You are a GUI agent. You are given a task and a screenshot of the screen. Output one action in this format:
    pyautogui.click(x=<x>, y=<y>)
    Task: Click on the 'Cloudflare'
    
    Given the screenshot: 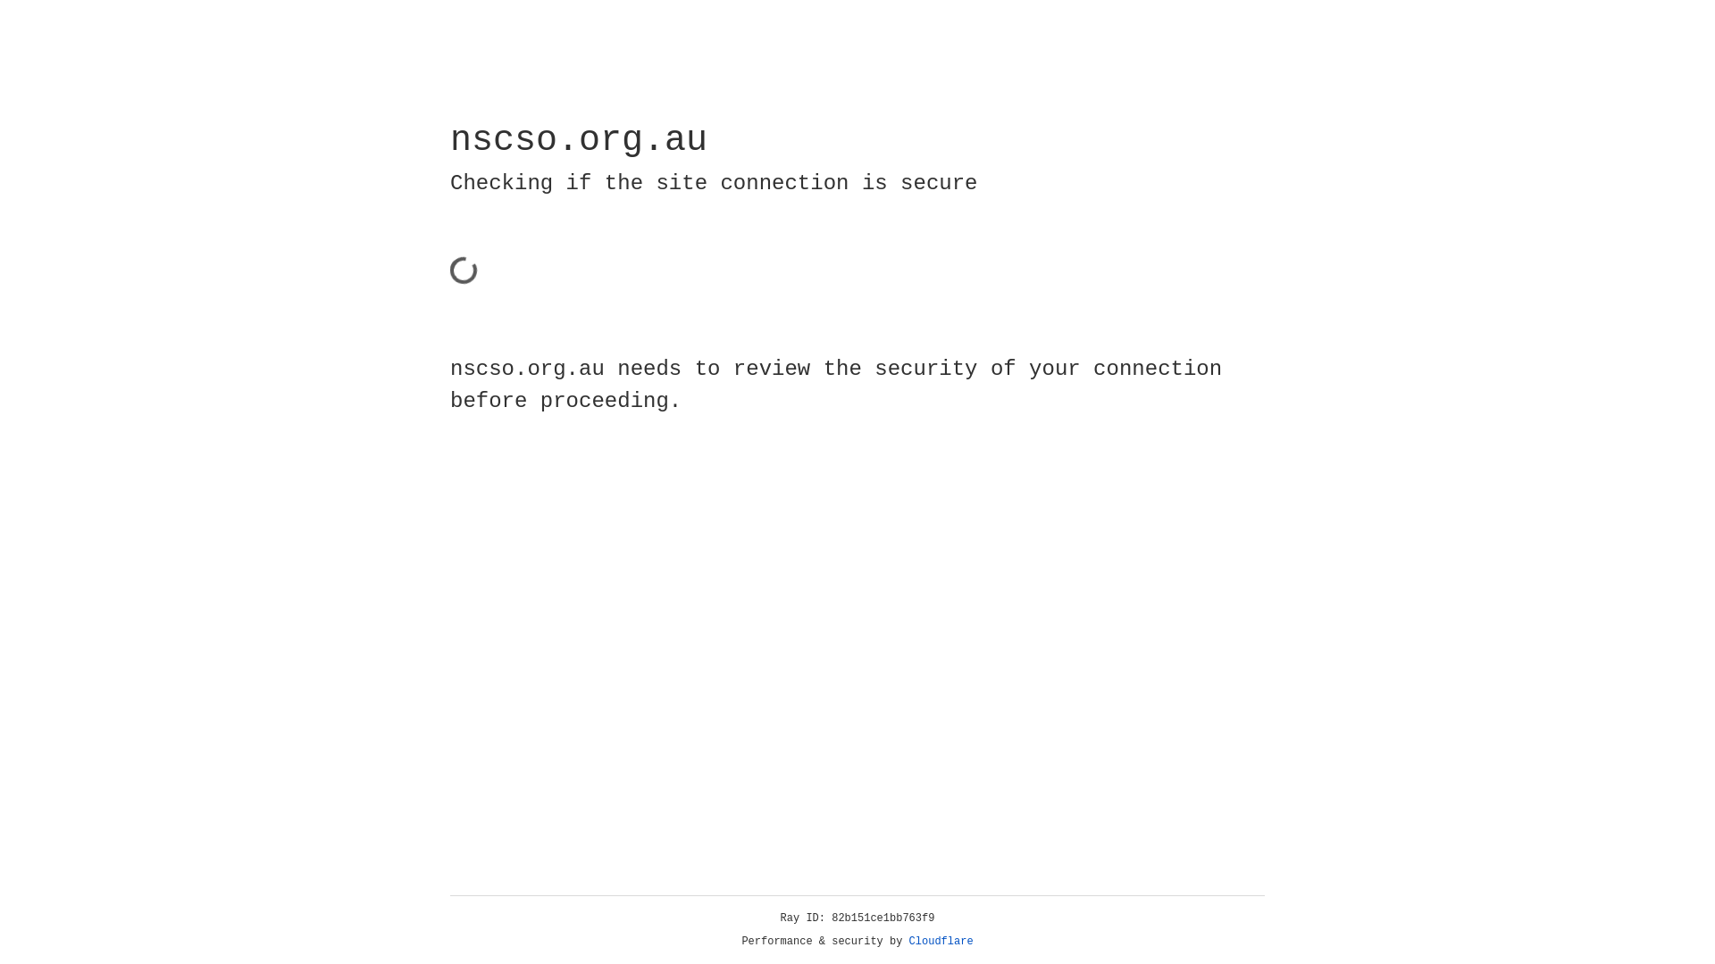 What is the action you would take?
    pyautogui.click(x=941, y=941)
    